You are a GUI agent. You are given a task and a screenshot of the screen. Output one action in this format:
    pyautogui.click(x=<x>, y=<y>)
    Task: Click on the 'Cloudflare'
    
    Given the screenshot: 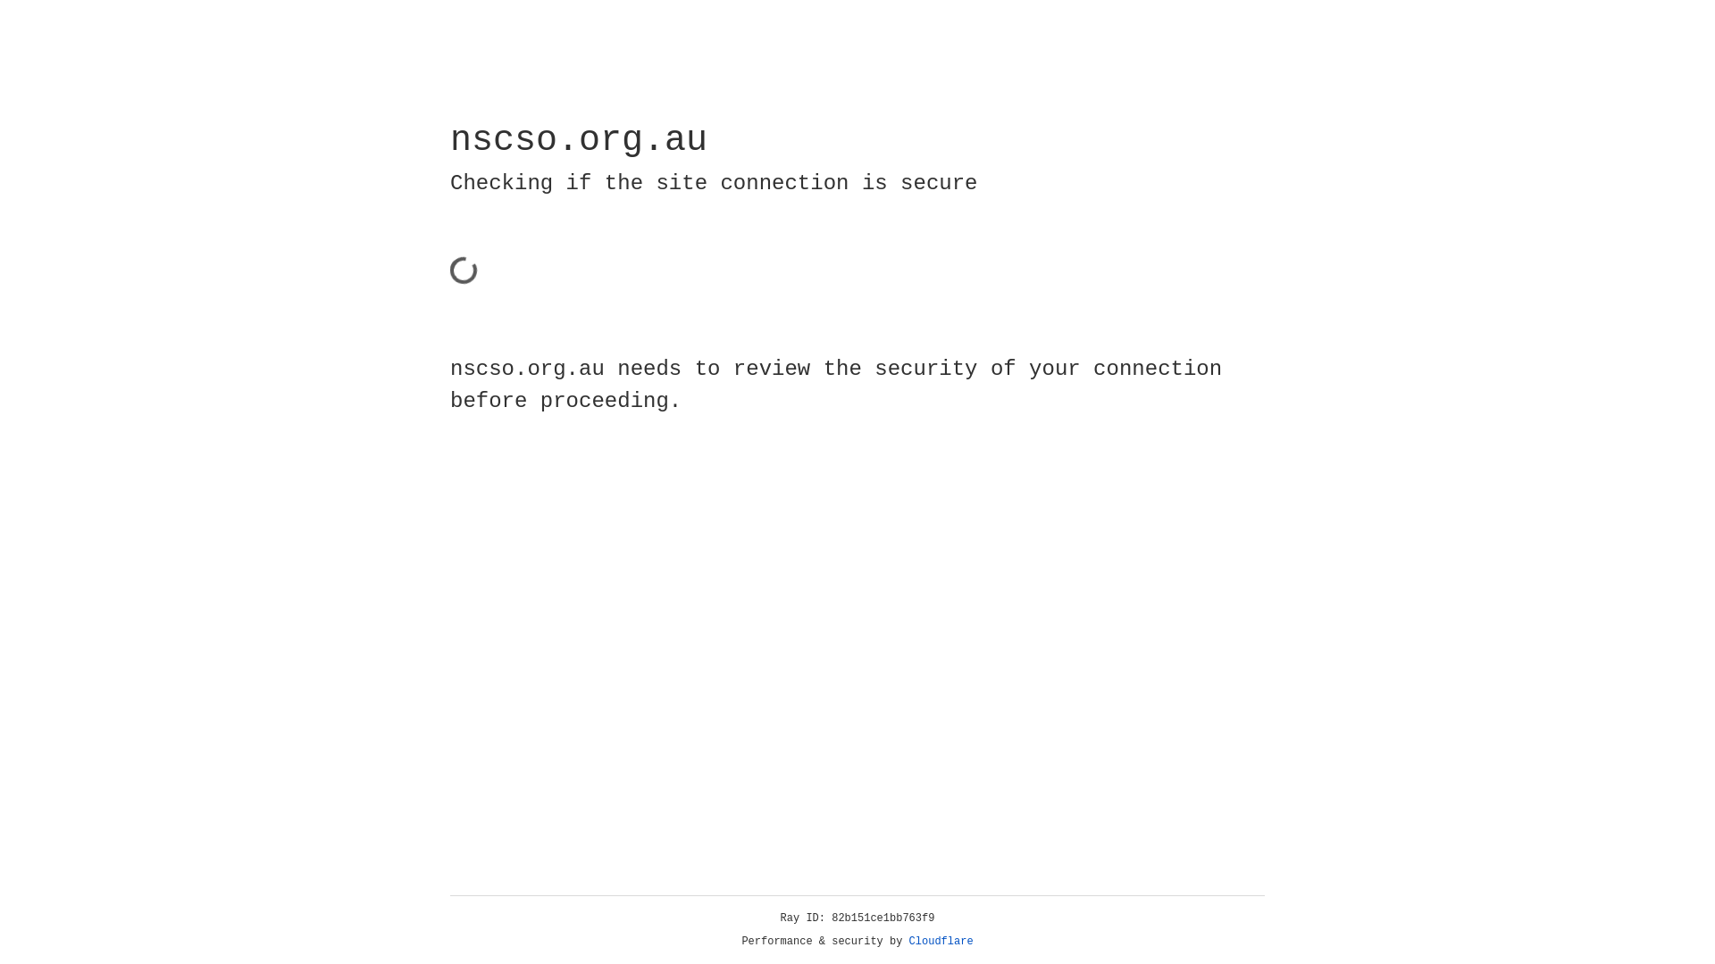 What is the action you would take?
    pyautogui.click(x=941, y=941)
    